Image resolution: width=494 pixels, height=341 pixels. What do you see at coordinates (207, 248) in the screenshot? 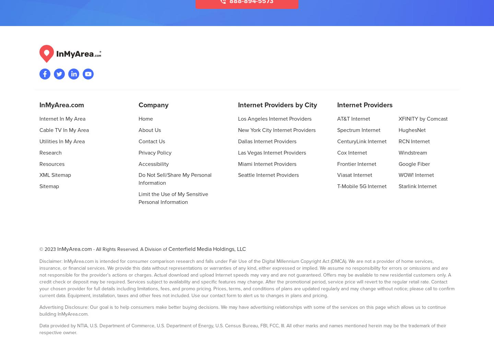
I see `'Centerfield
Media Holdings, LLC'` at bounding box center [207, 248].